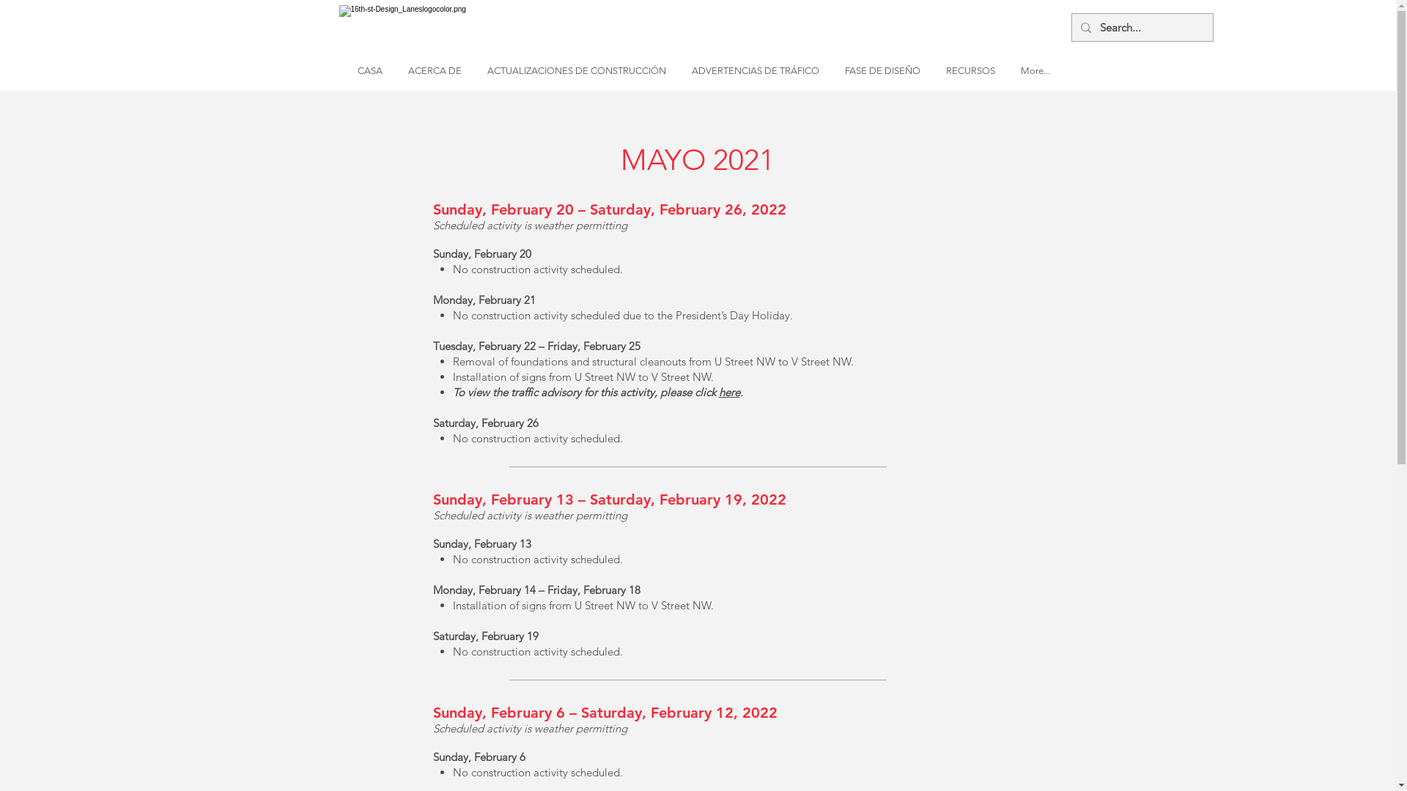 The image size is (1407, 791). What do you see at coordinates (344, 70) in the screenshot?
I see `'CASA'` at bounding box center [344, 70].